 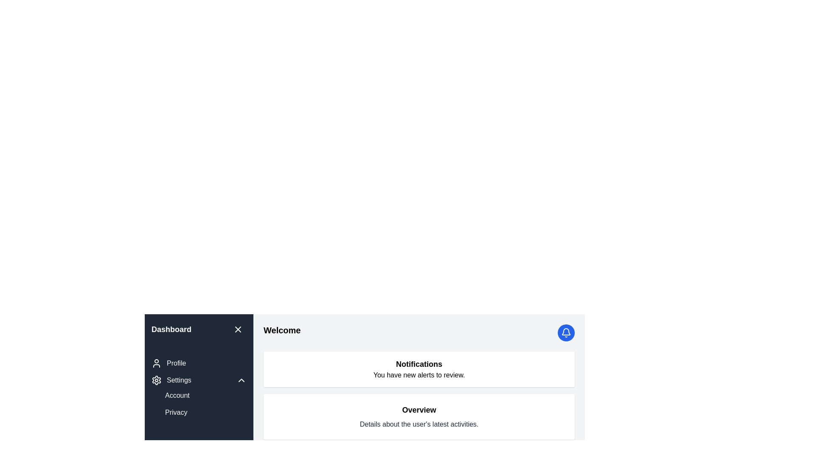 What do you see at coordinates (177, 396) in the screenshot?
I see `the 'Account' button located in the vertical navigation menu` at bounding box center [177, 396].